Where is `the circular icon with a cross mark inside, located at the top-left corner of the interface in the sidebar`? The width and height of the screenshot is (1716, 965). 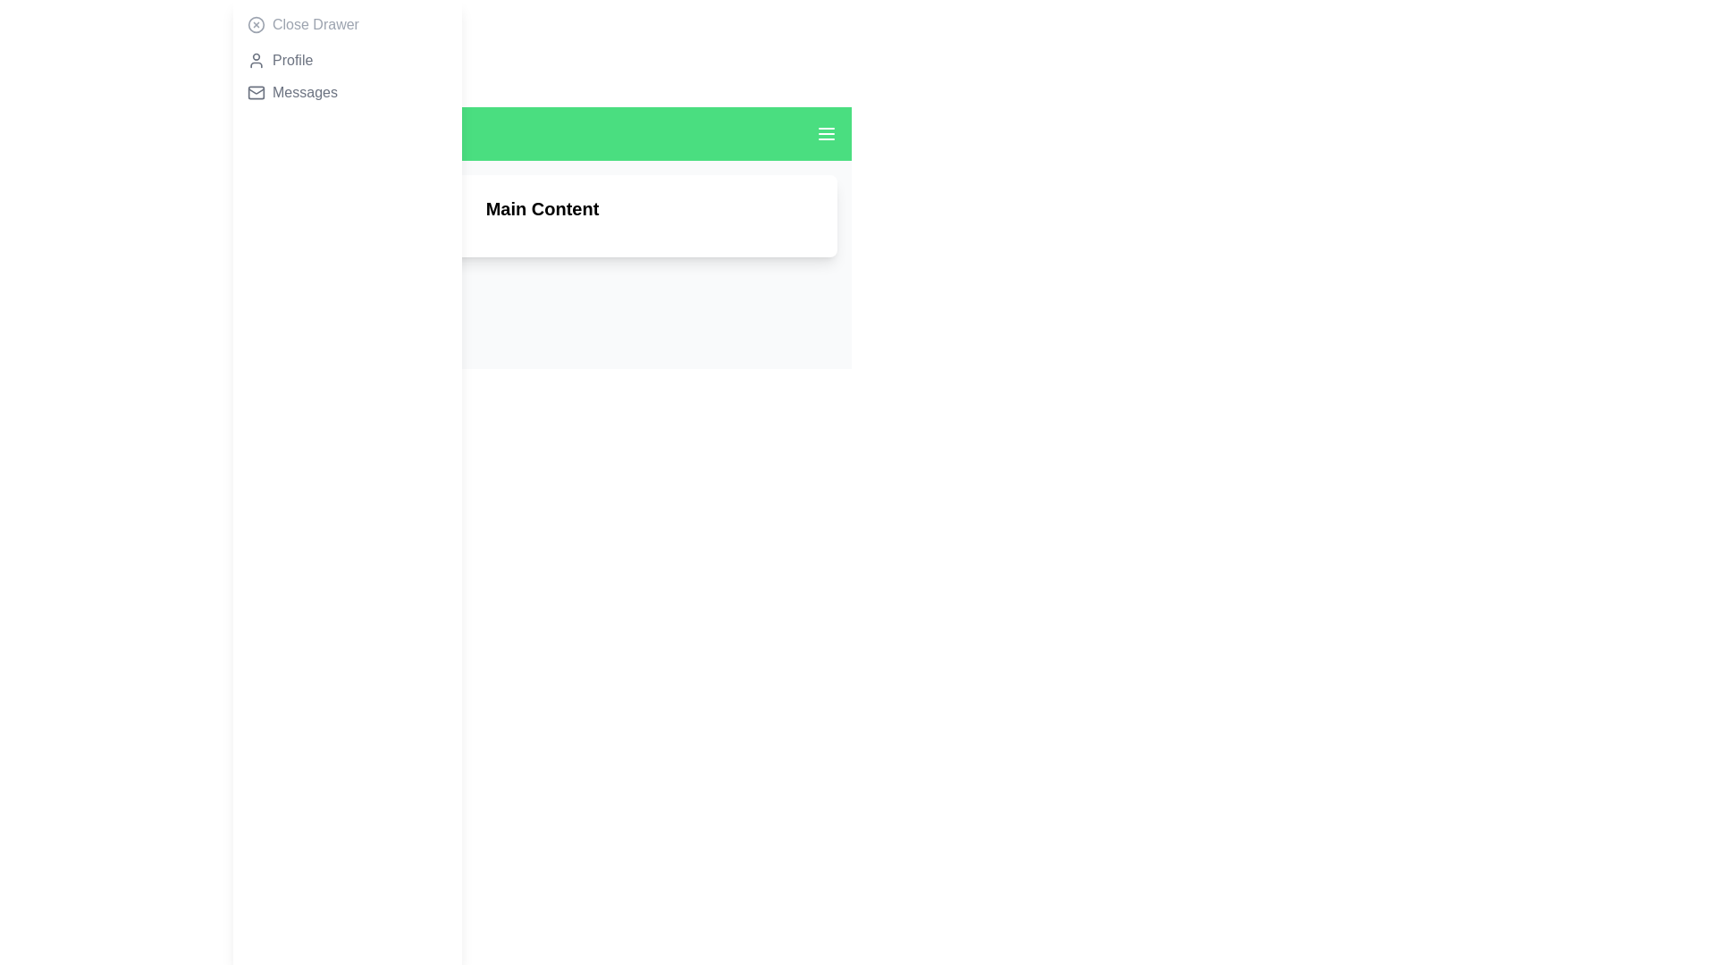 the circular icon with a cross mark inside, located at the top-left corner of the interface in the sidebar is located at coordinates (256, 24).